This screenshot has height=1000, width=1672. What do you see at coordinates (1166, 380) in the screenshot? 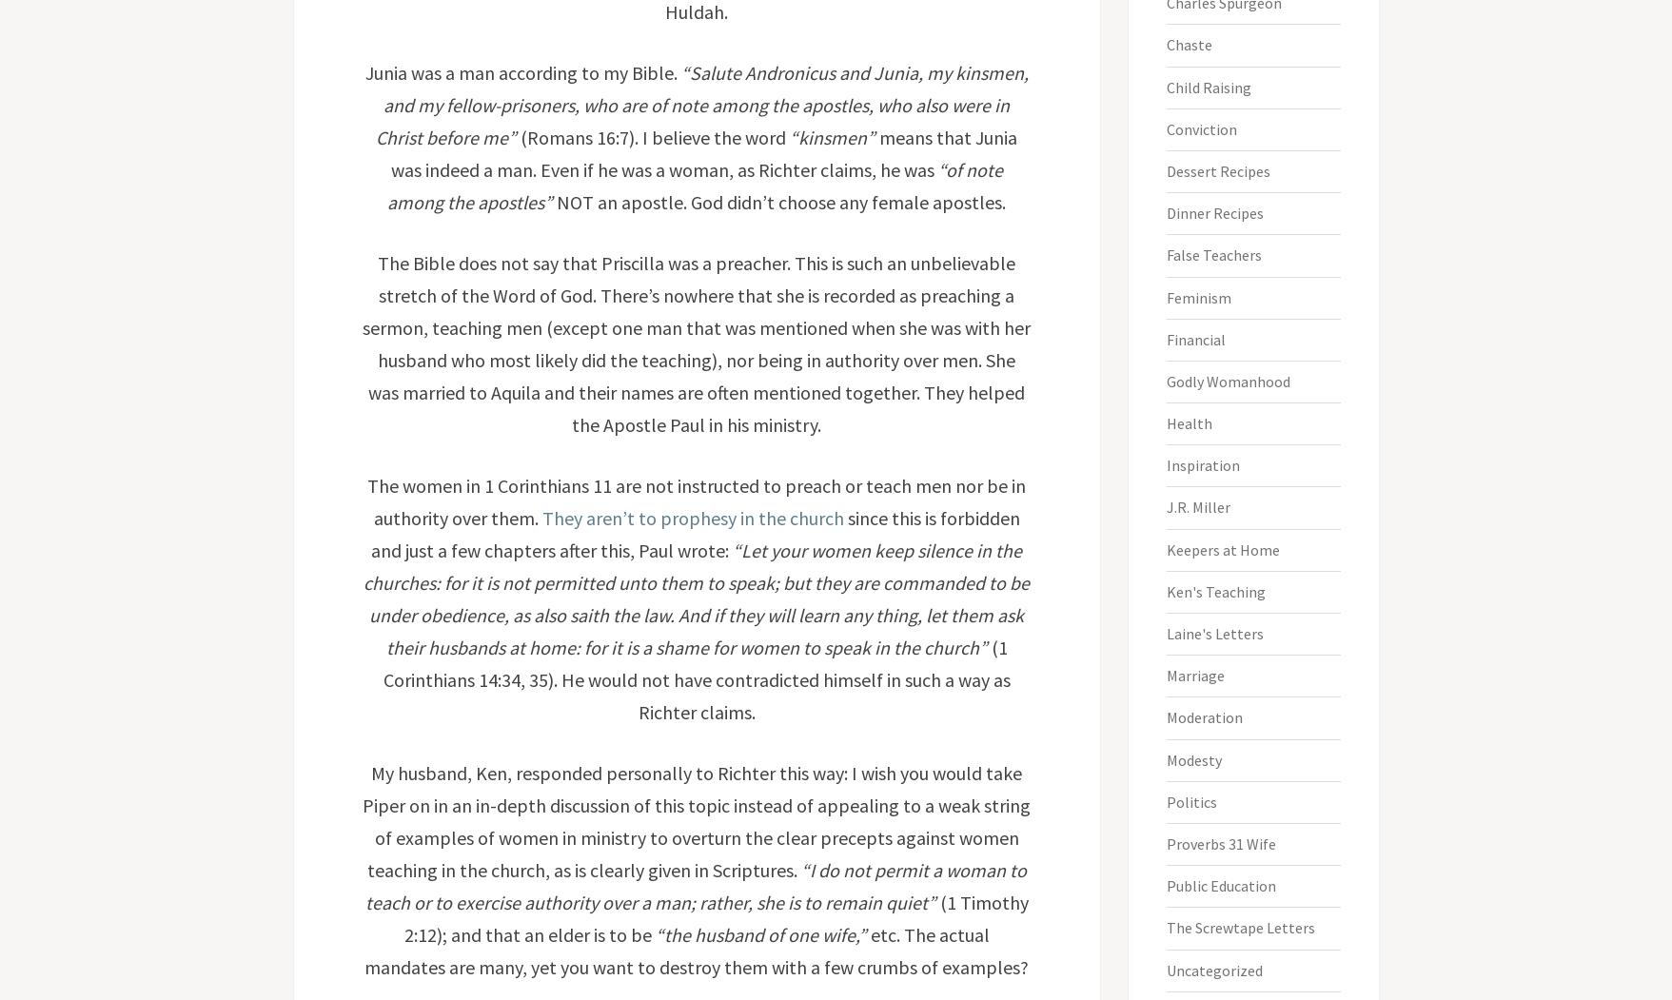
I see `'Godly Womanhood'` at bounding box center [1166, 380].